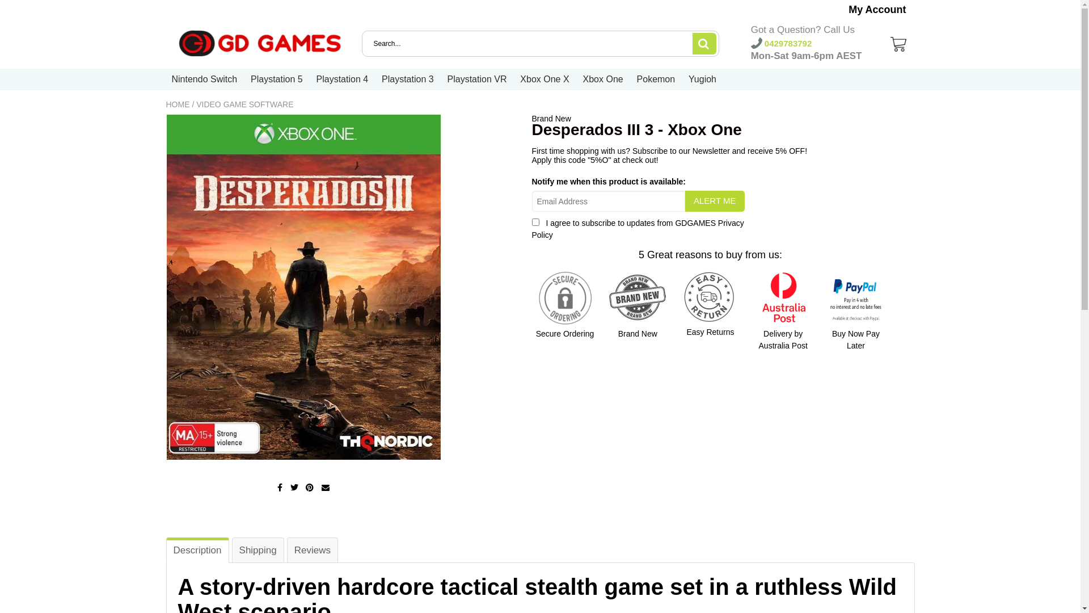  I want to click on 'Pokemon', so click(656, 78).